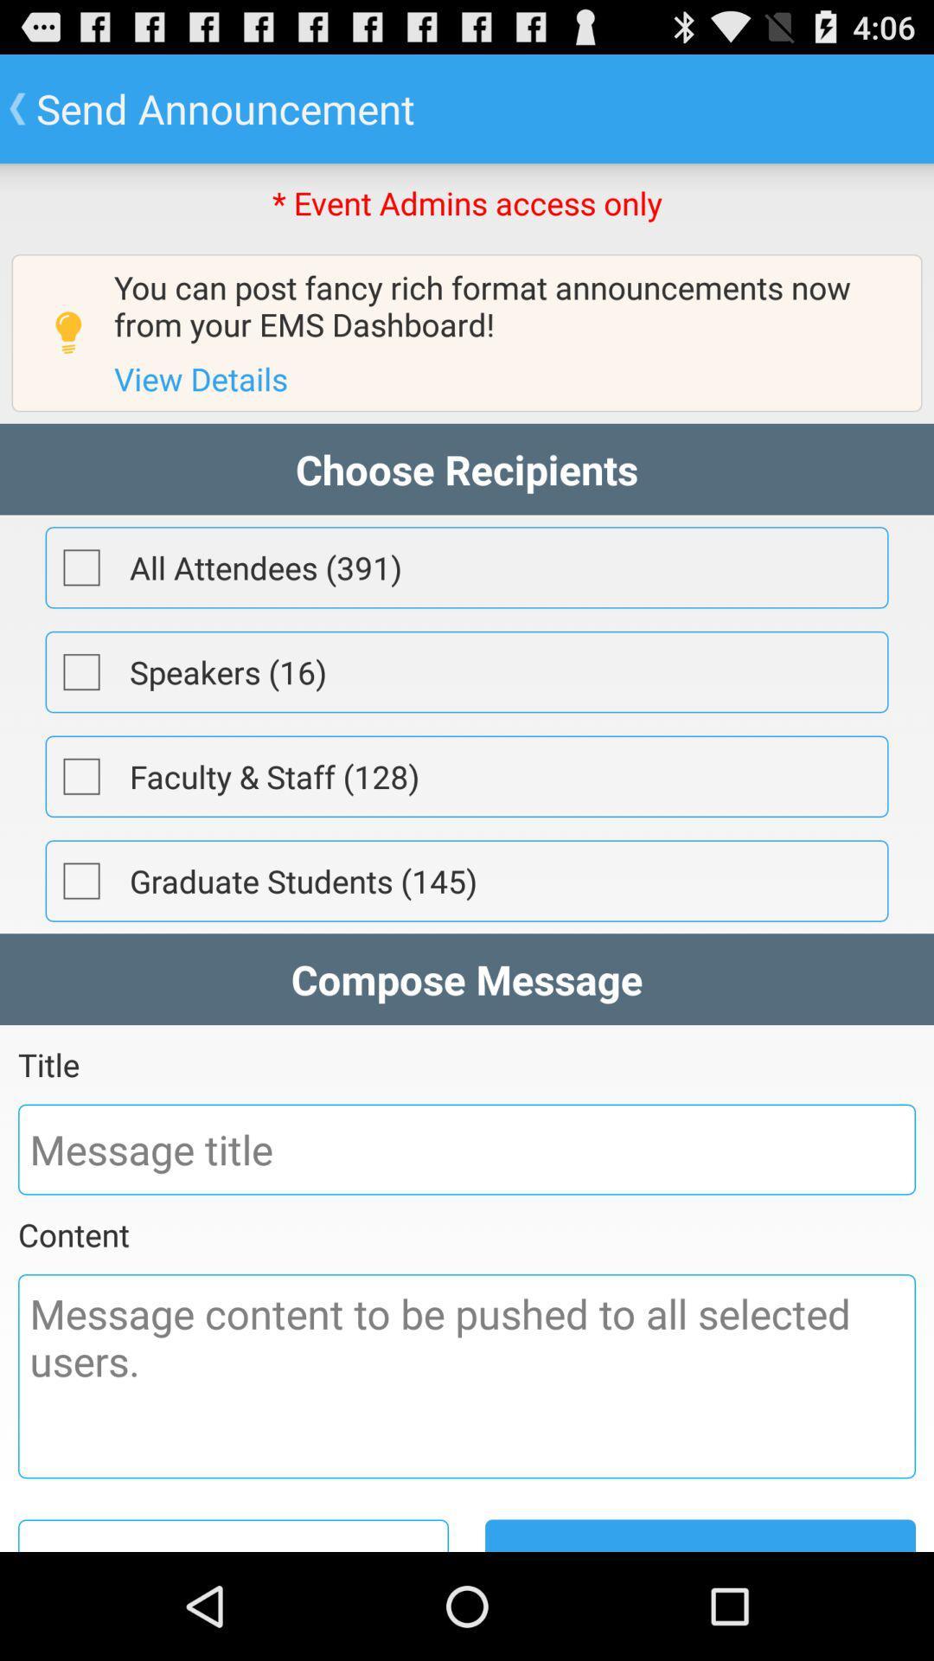  Describe the element at coordinates (233, 1536) in the screenshot. I see `icon to the left of send` at that location.